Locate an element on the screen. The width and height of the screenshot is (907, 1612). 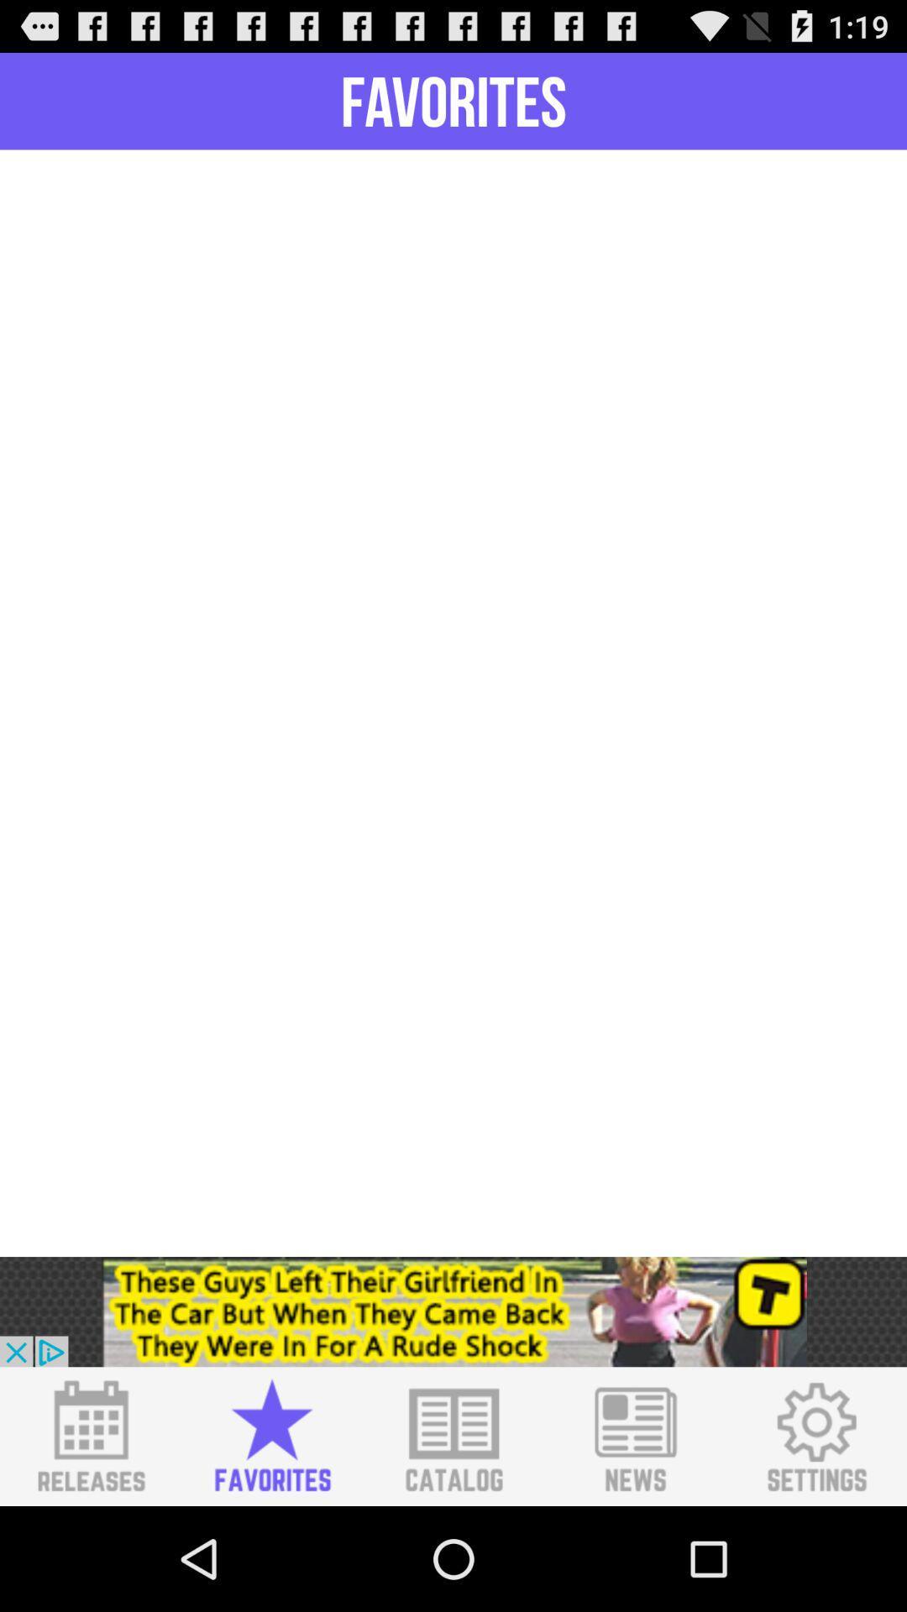
menu biutton is located at coordinates (91, 1436).